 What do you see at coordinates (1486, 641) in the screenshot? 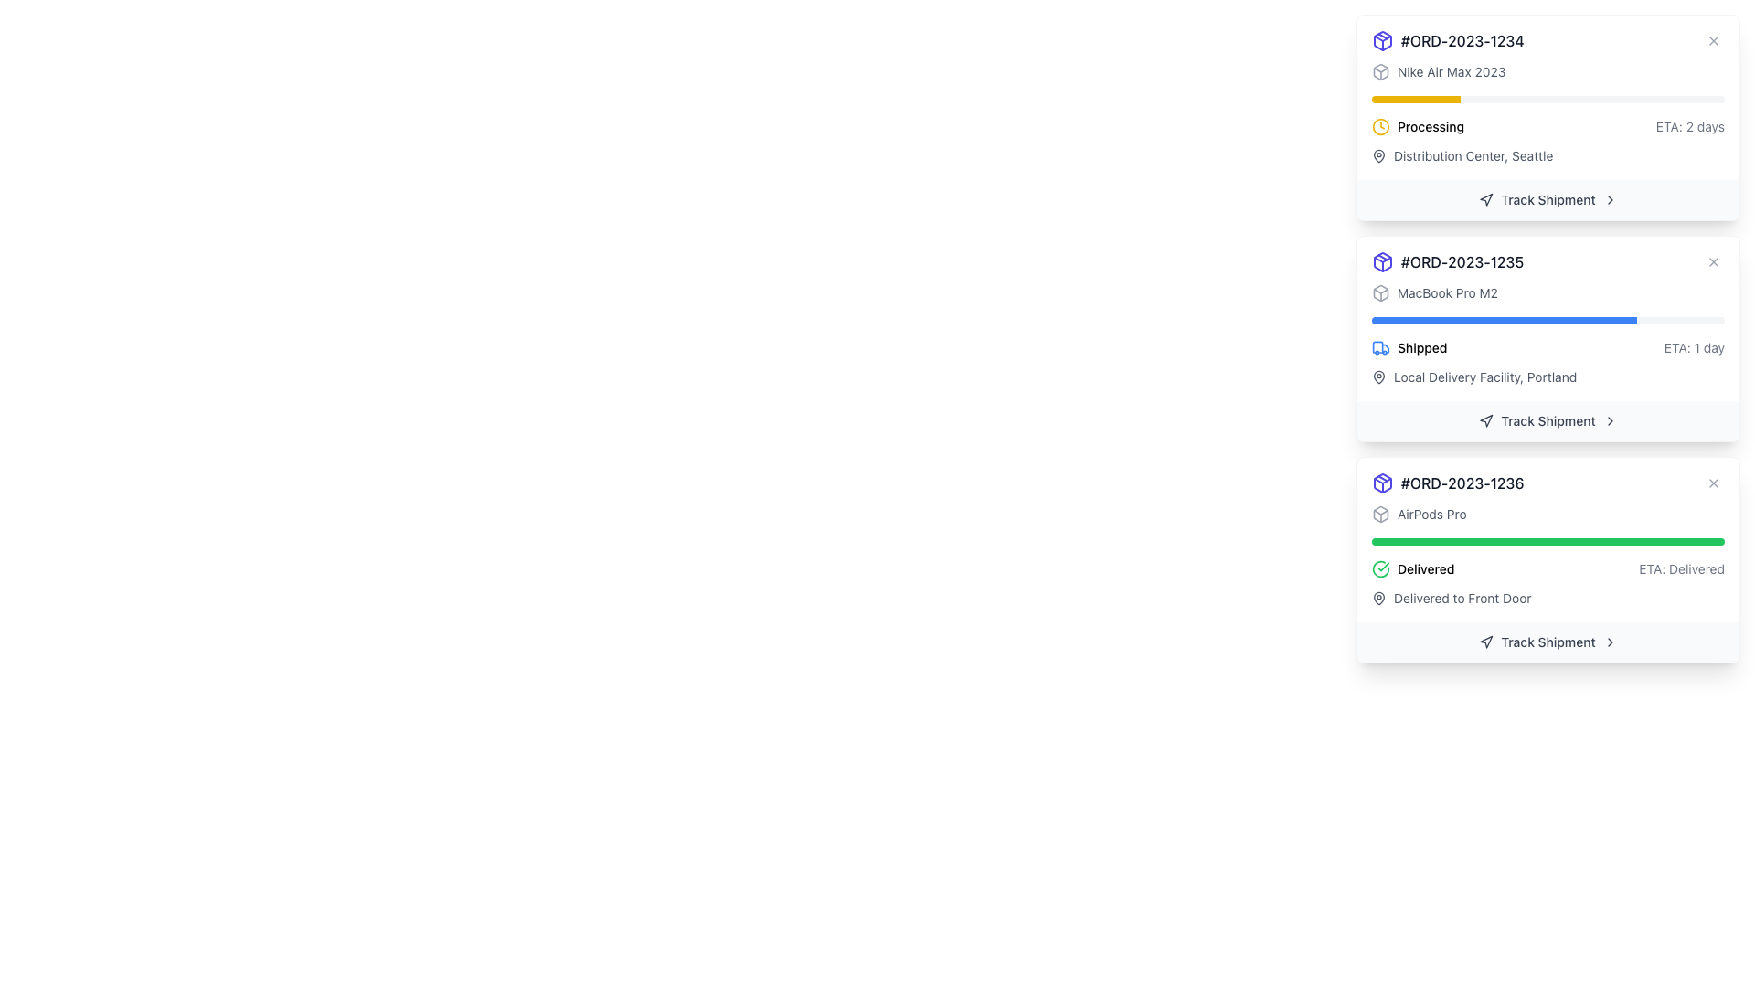
I see `the navigation arrow icon within the 'Track Shipment' button, which is a triangular shape pointing upwards and to the right` at bounding box center [1486, 641].